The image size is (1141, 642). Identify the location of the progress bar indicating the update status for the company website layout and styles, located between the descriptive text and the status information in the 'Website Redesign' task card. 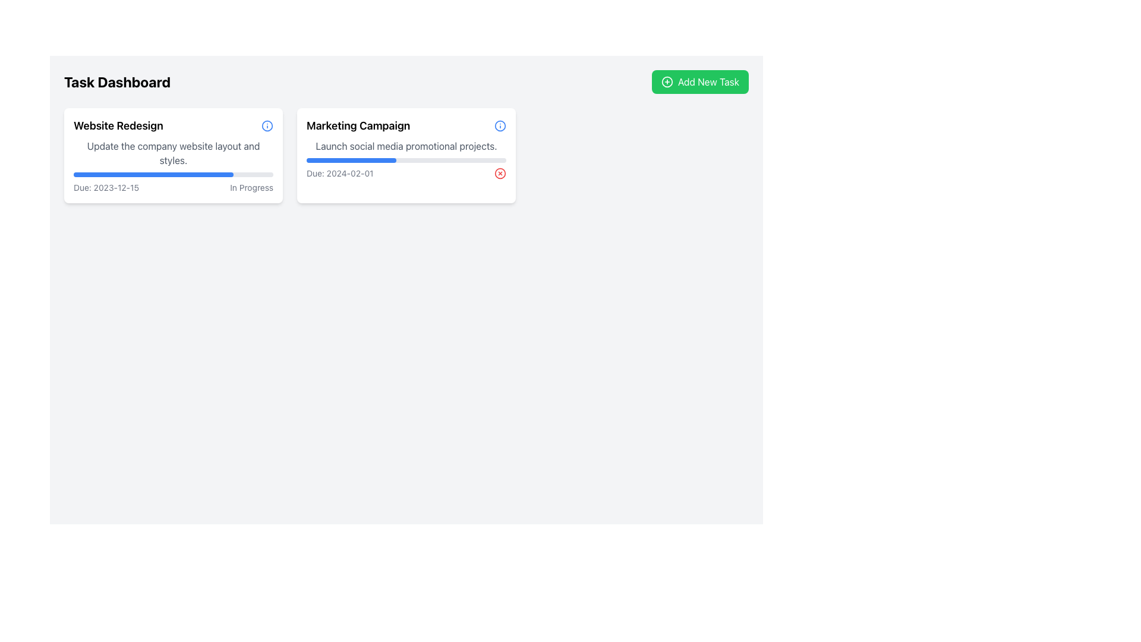
(173, 174).